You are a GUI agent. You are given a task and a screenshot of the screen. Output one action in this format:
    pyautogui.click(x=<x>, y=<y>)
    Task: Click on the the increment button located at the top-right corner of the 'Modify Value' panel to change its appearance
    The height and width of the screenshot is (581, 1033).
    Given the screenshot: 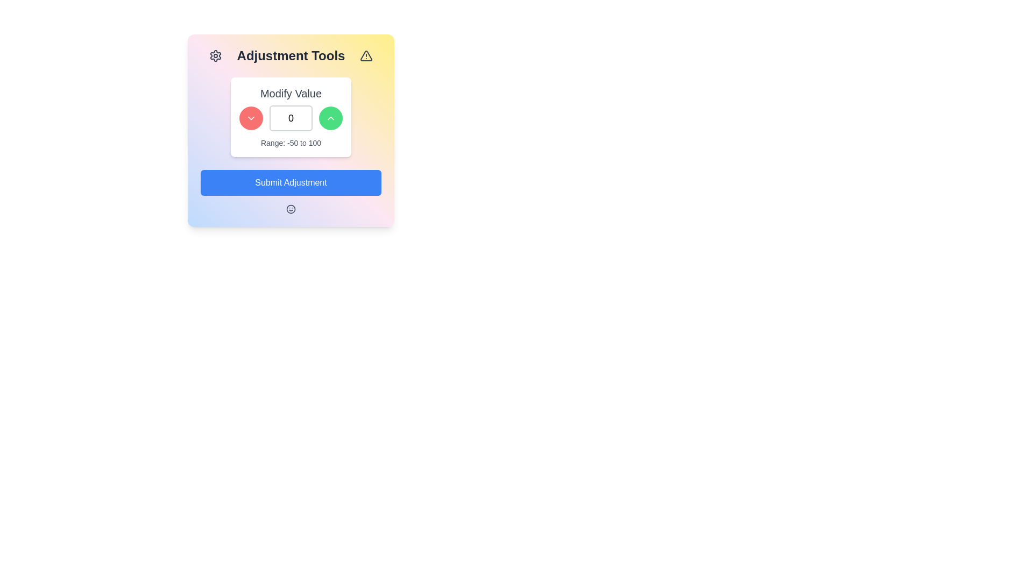 What is the action you would take?
    pyautogui.click(x=330, y=118)
    